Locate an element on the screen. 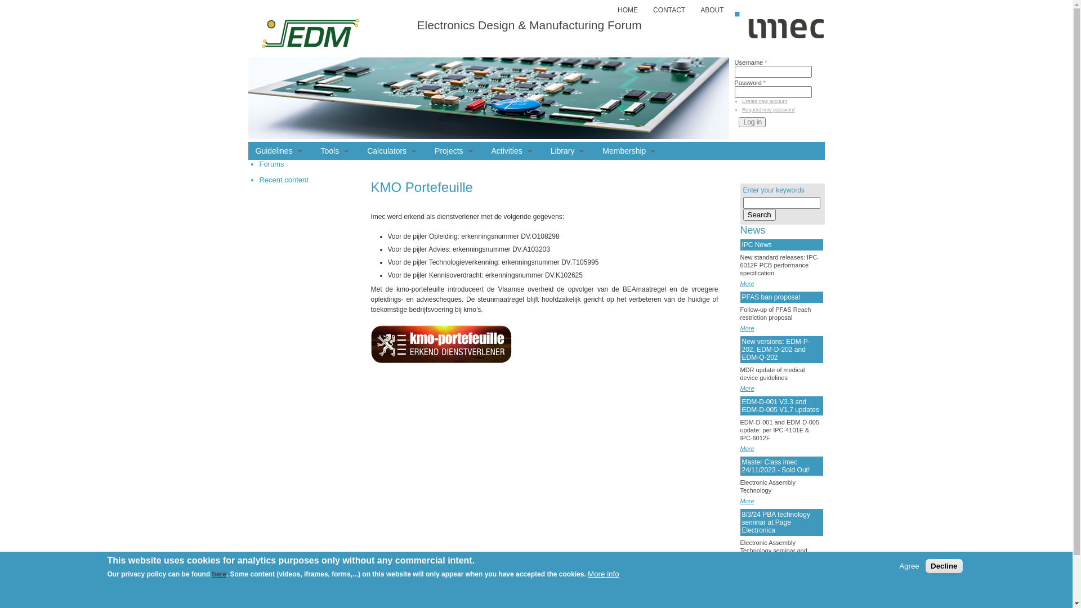 This screenshot has width=1081, height=608. 'More' is located at coordinates (747, 500).